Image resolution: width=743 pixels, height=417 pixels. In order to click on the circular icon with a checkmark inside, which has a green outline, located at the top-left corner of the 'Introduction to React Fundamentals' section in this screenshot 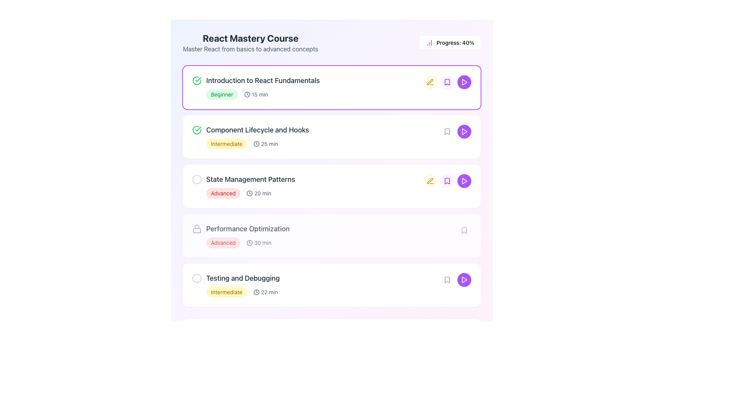, I will do `click(197, 80)`.